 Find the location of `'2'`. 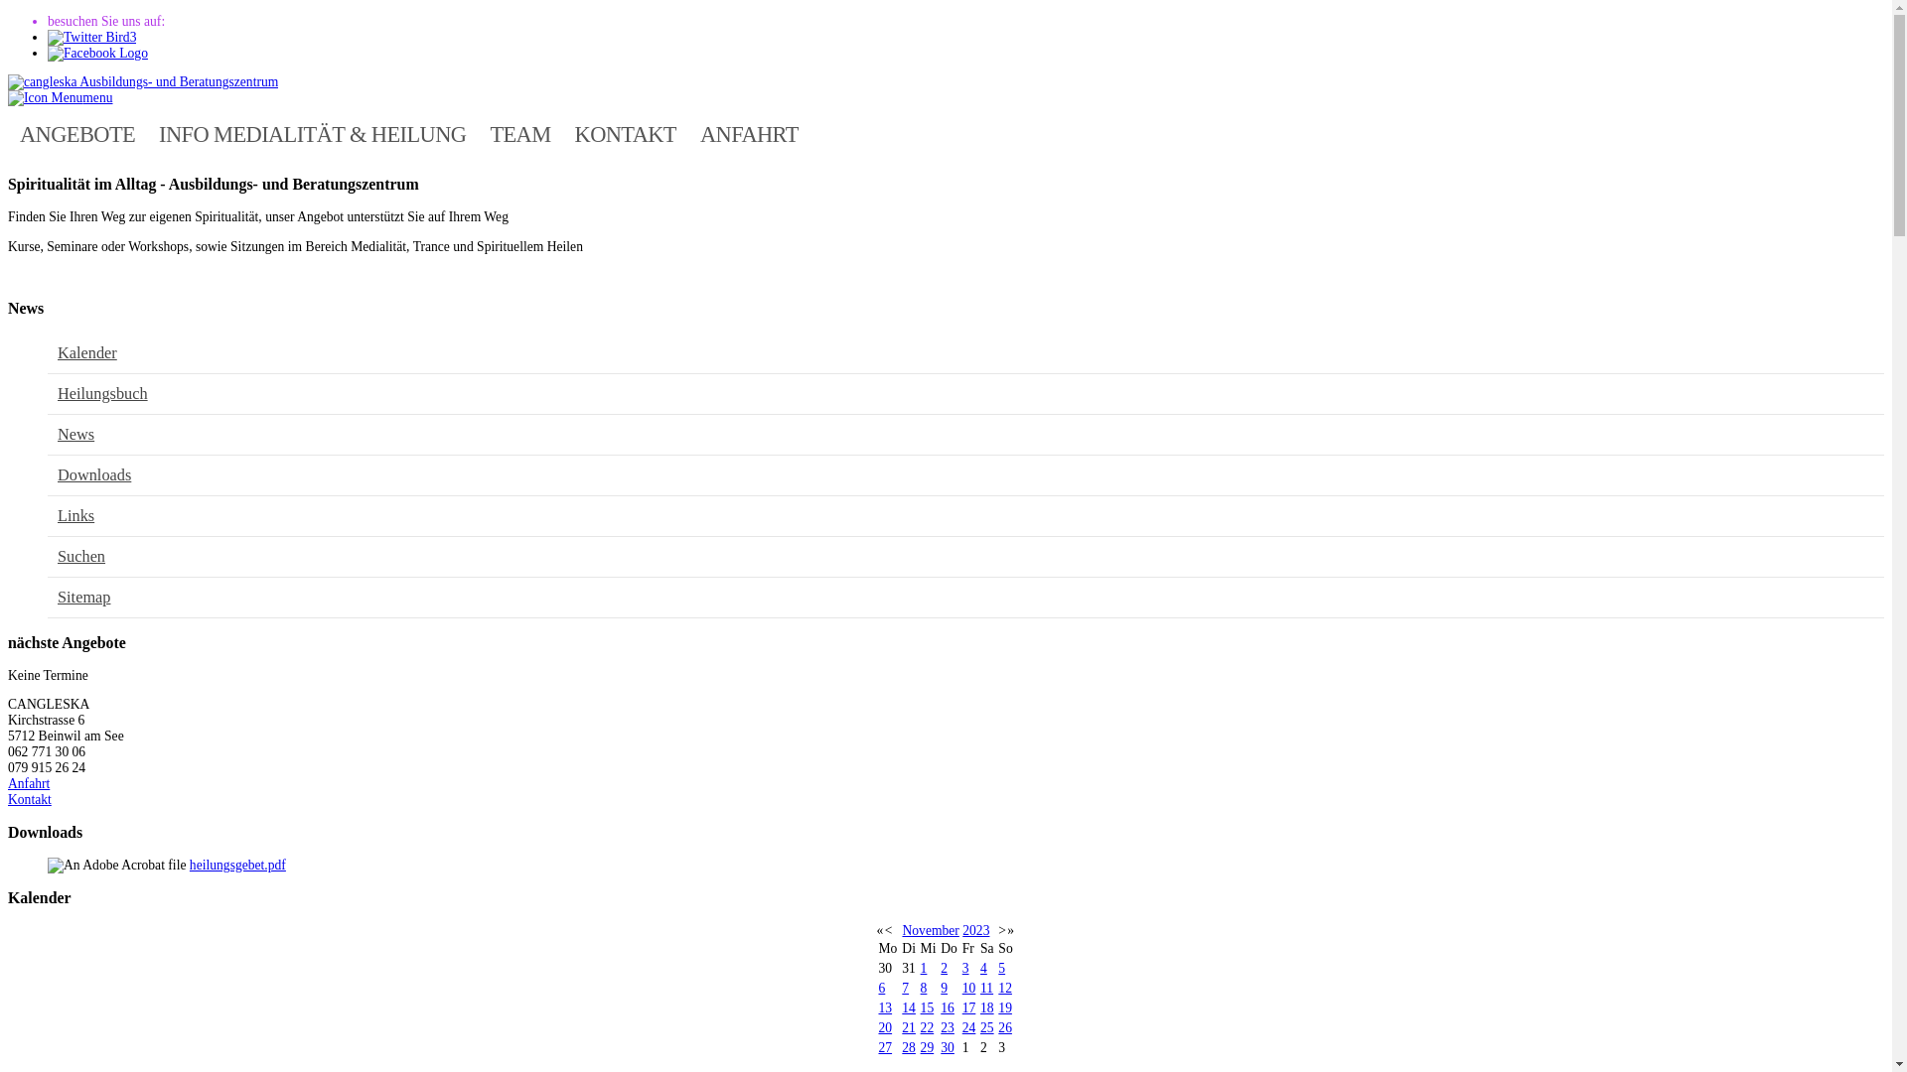

'2' is located at coordinates (939, 967).